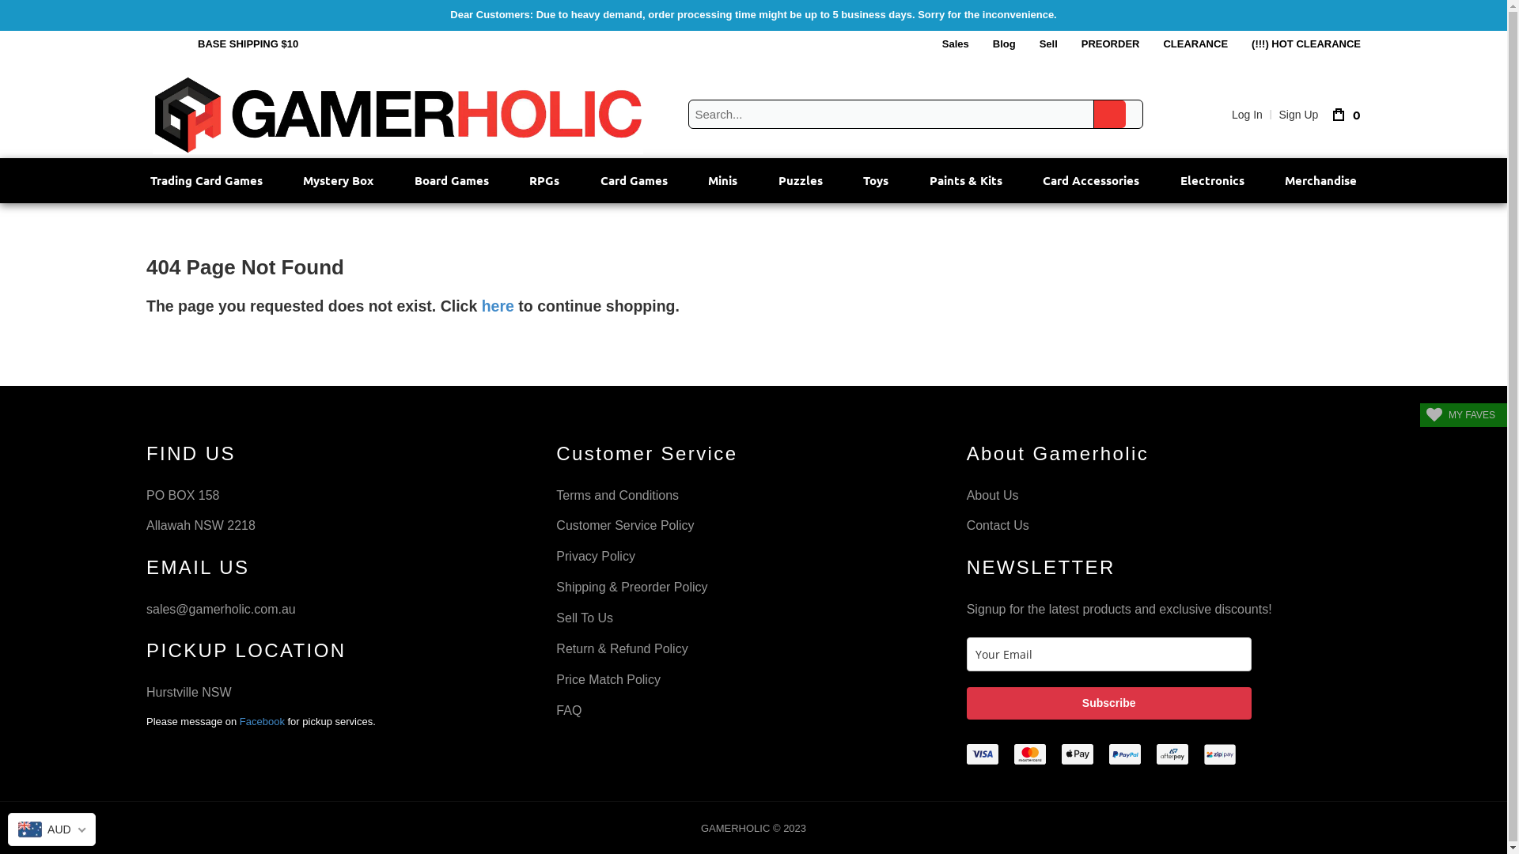  I want to click on '(!!!) HOT CLEARANCE', so click(1306, 44).